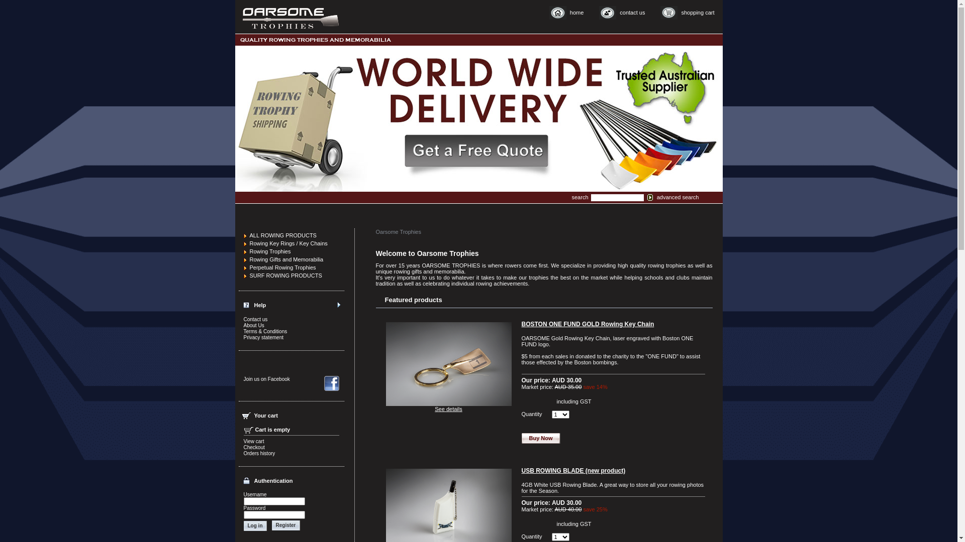 This screenshot has height=542, width=965. Describe the element at coordinates (540, 438) in the screenshot. I see `'Buy Now'` at that location.